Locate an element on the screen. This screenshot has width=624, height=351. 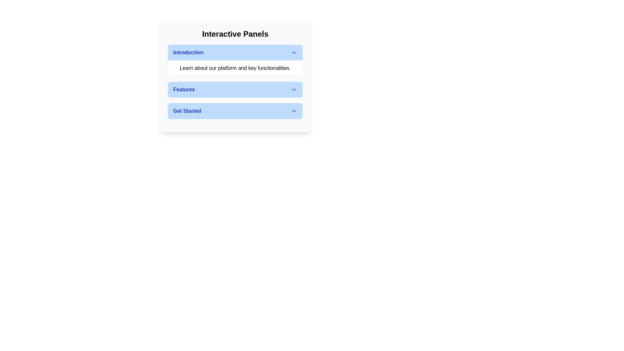
the text that states 'Learn about our platform and key functionalities', which is located directly under the Introduction panel in a collapsible menu is located at coordinates (235, 68).